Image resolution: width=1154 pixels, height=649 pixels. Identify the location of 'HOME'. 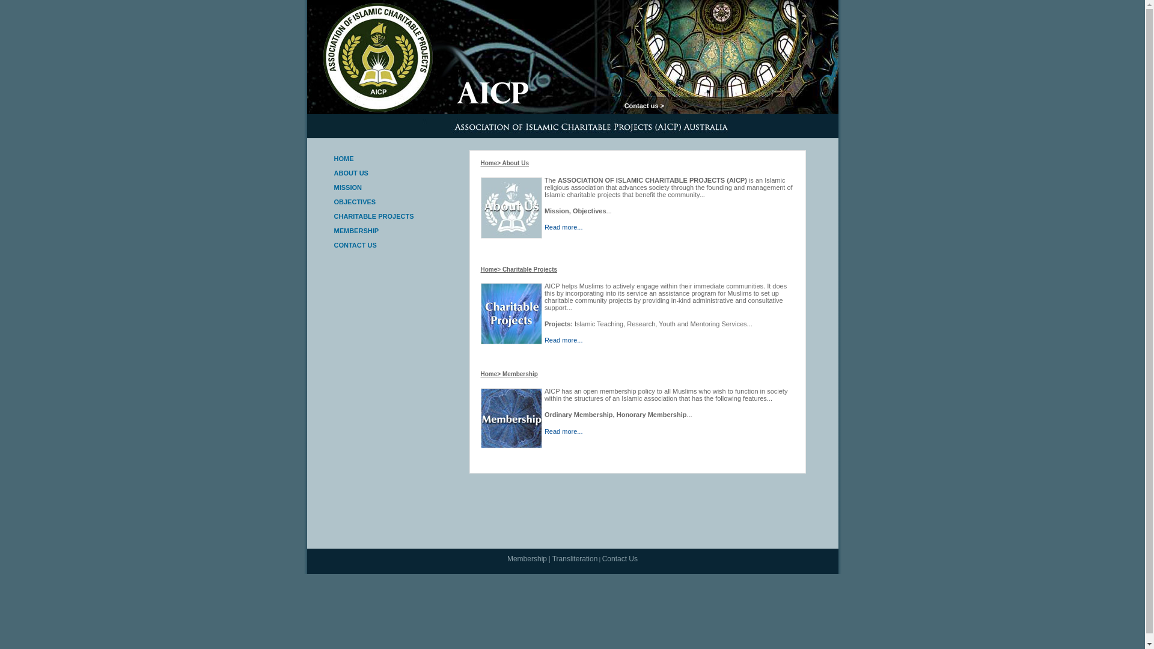
(334, 157).